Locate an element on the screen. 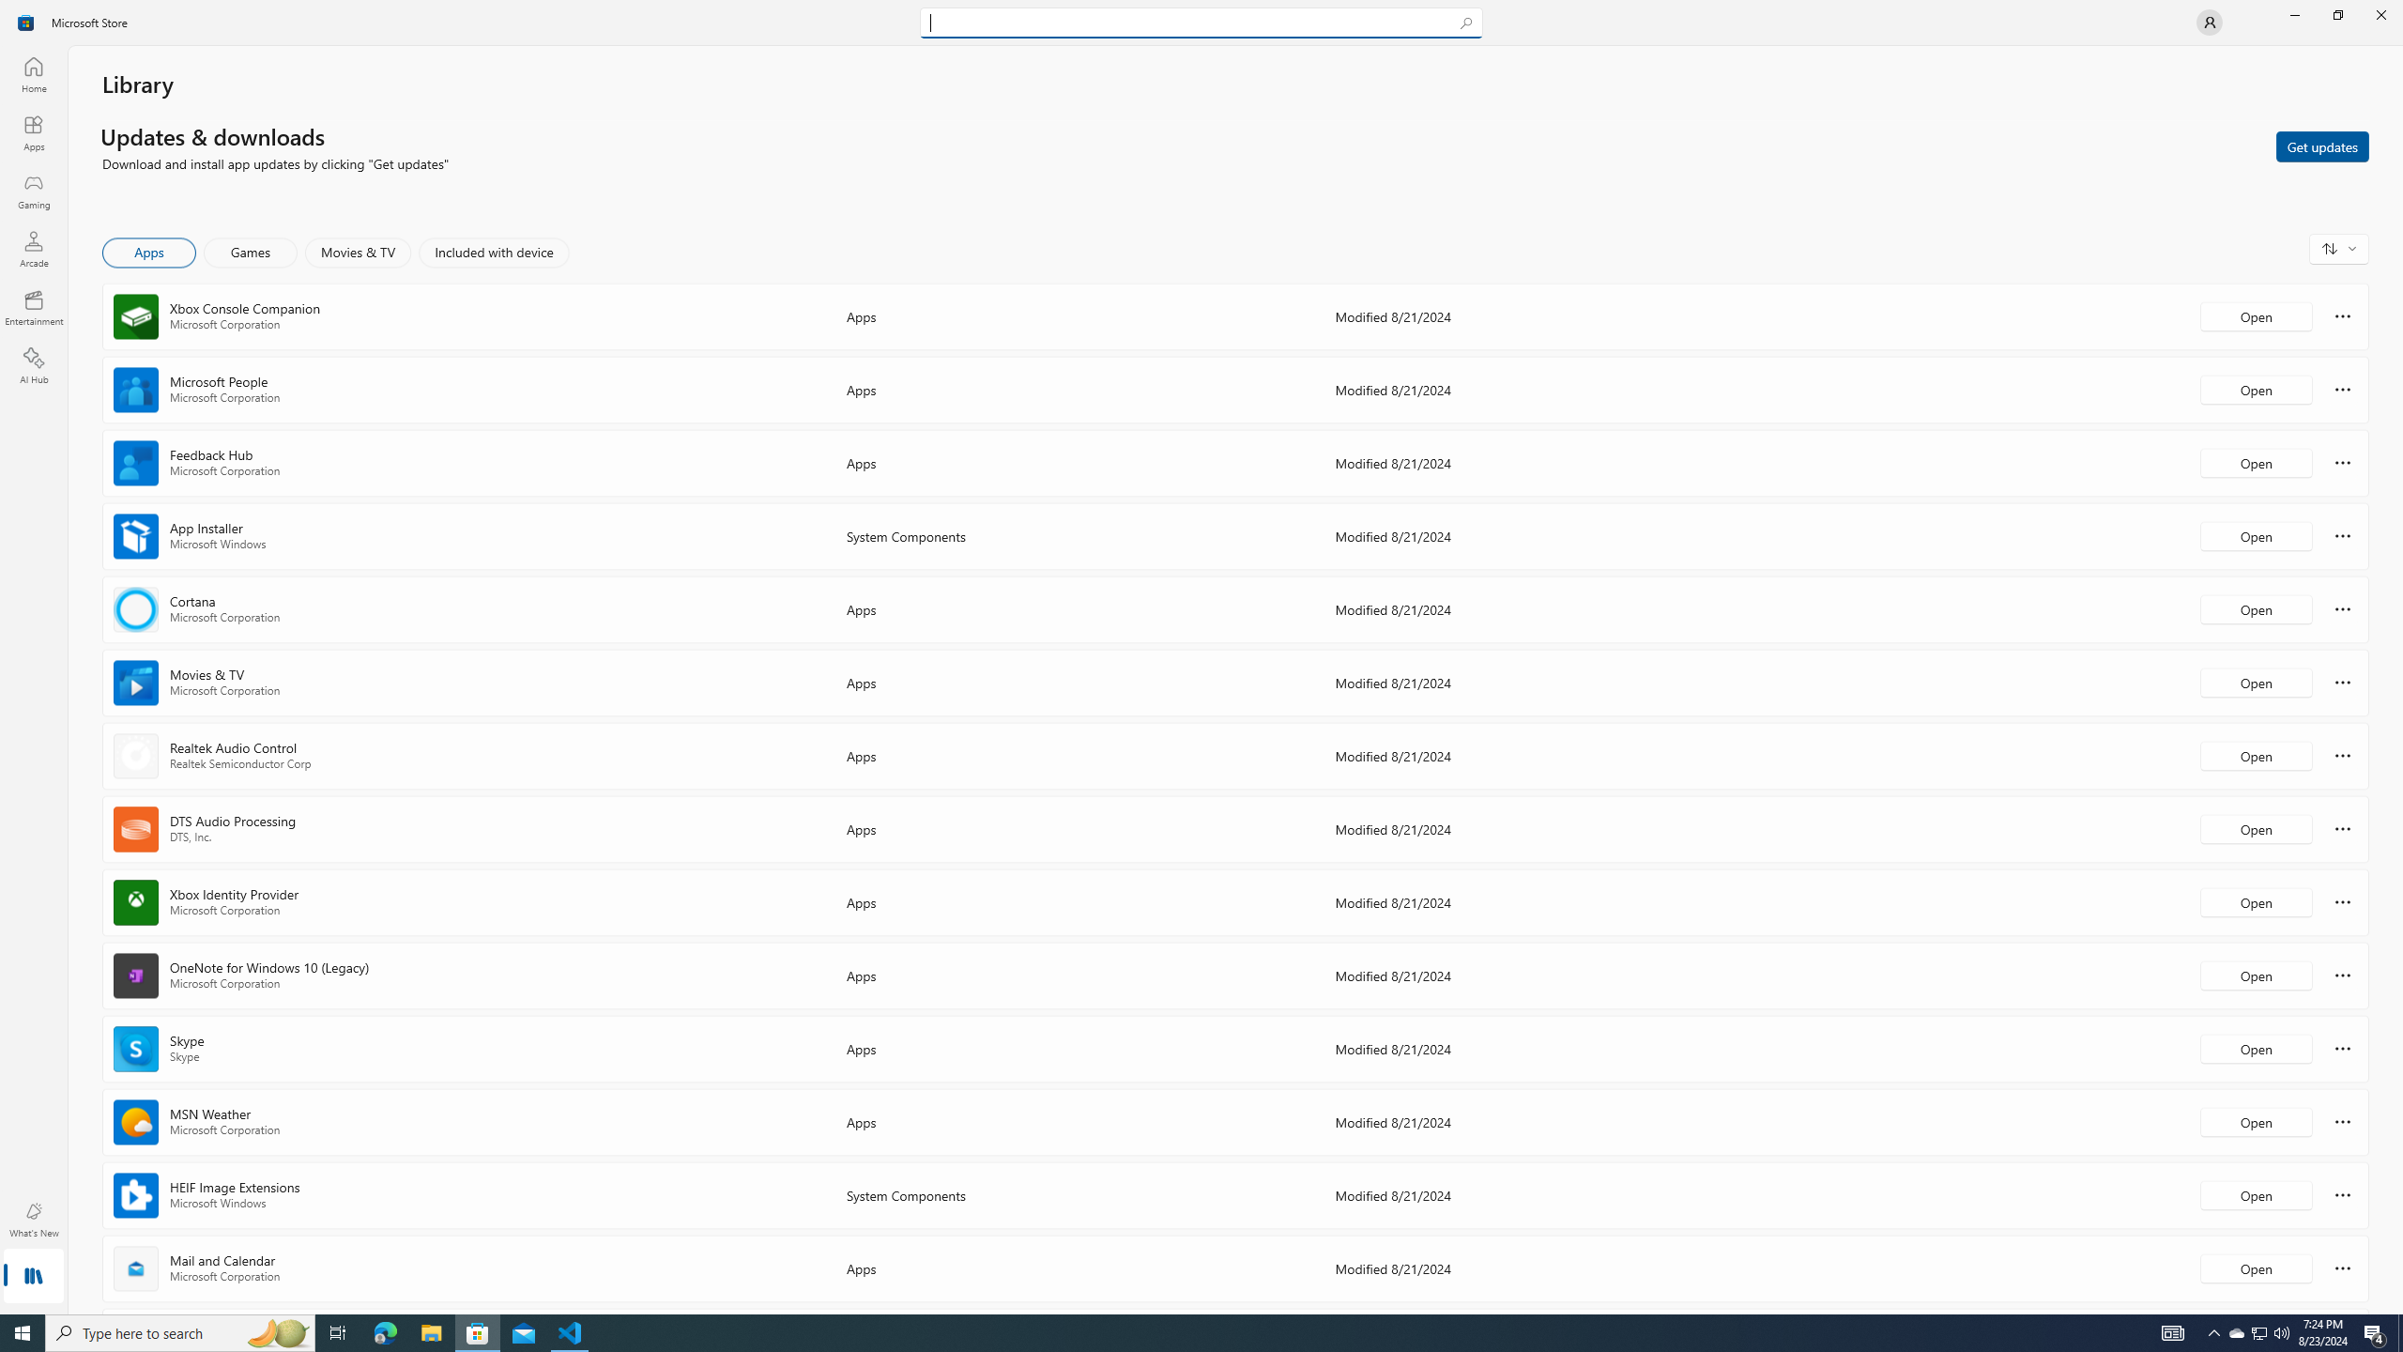 Image resolution: width=2403 pixels, height=1352 pixels. 'Search' is located at coordinates (1201, 22).